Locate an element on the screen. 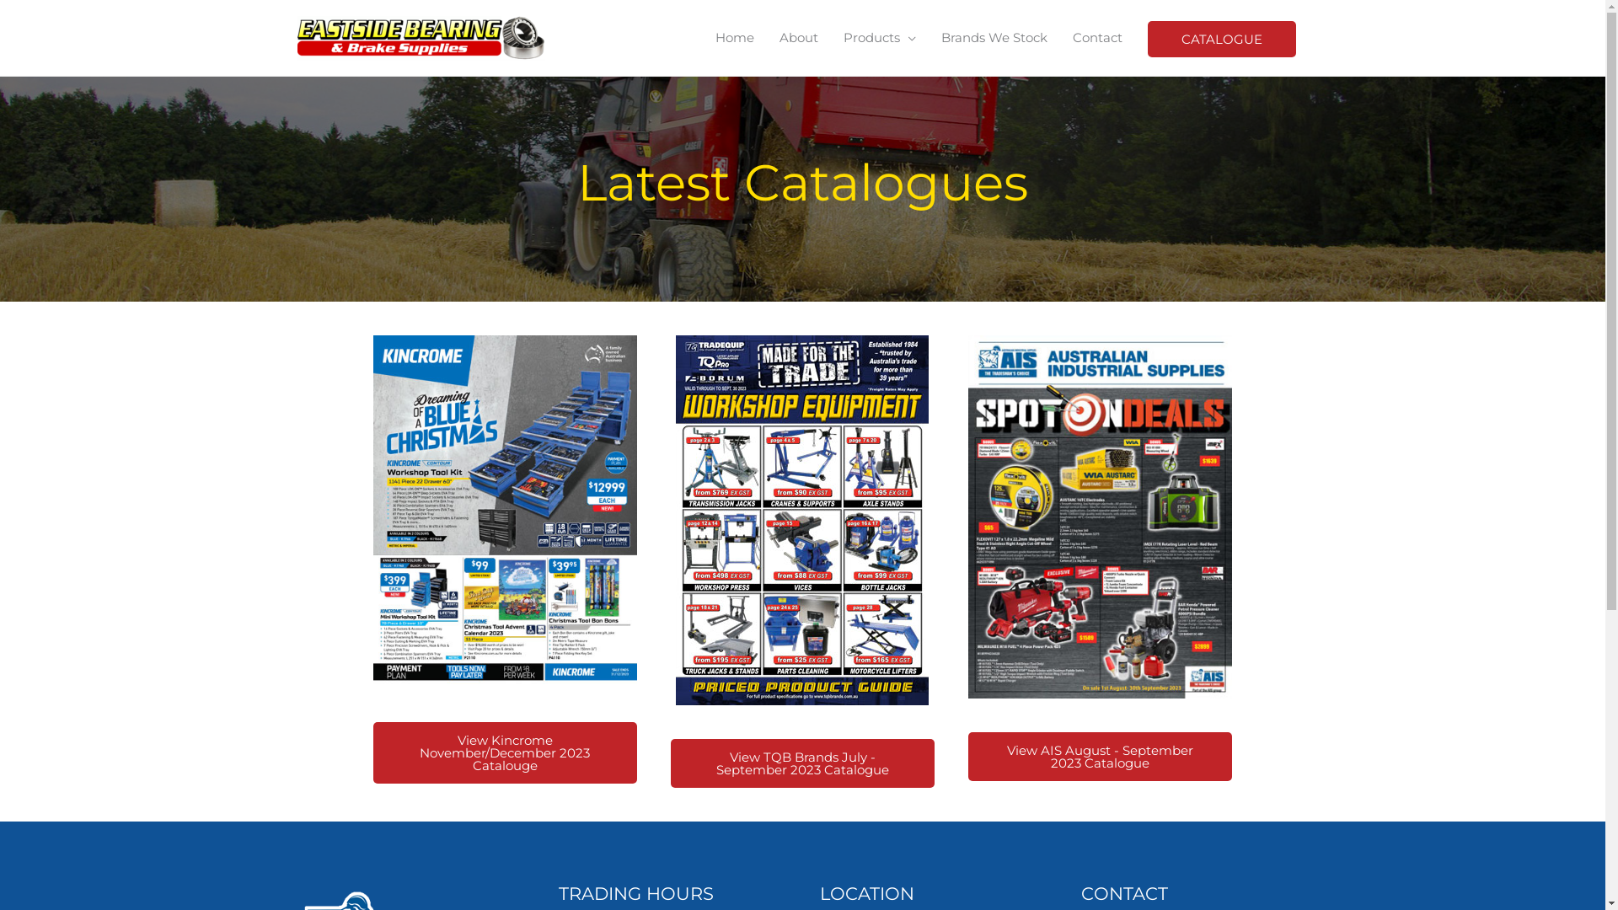 This screenshot has height=910, width=1618. 'AUGS23_FULL-CAT-(1)-compressed-1' is located at coordinates (1100, 516).